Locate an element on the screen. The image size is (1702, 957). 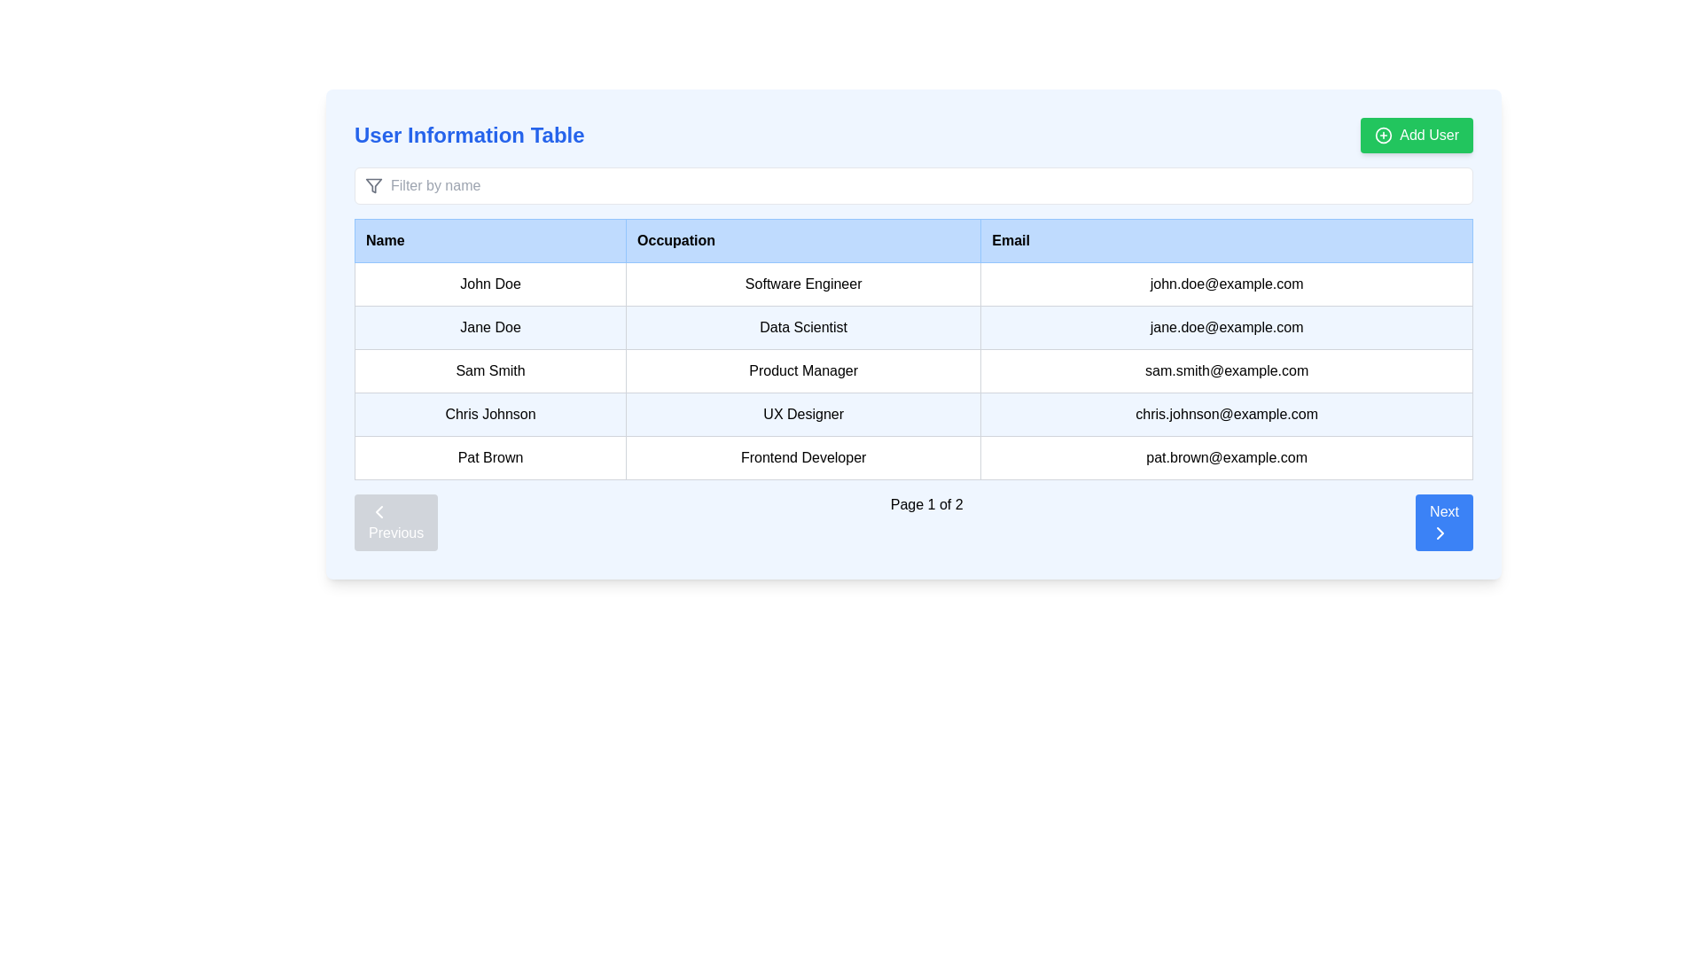
the circular icon with a plus sign, which is located within the green 'Add User' button at the top-right corner of the interface is located at coordinates (1383, 135).